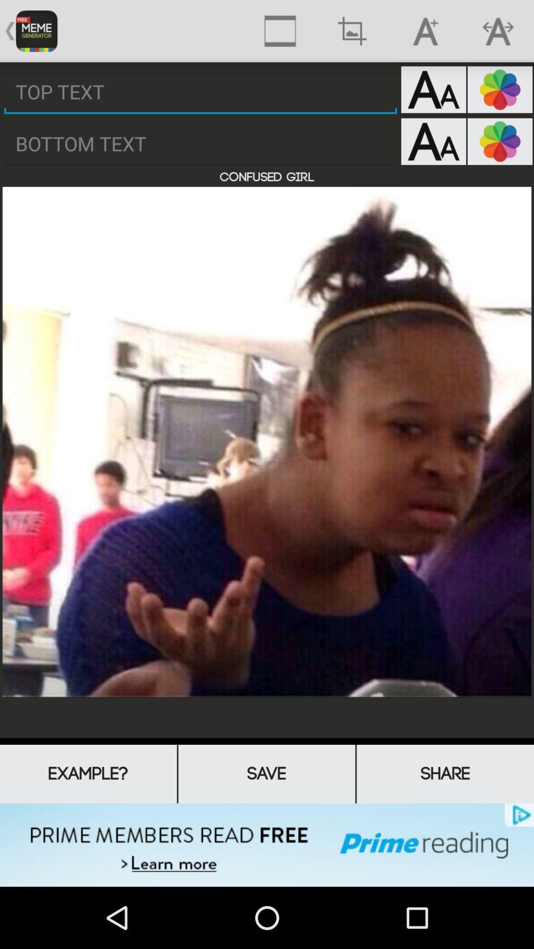 The image size is (534, 949). I want to click on the font icon, so click(433, 96).